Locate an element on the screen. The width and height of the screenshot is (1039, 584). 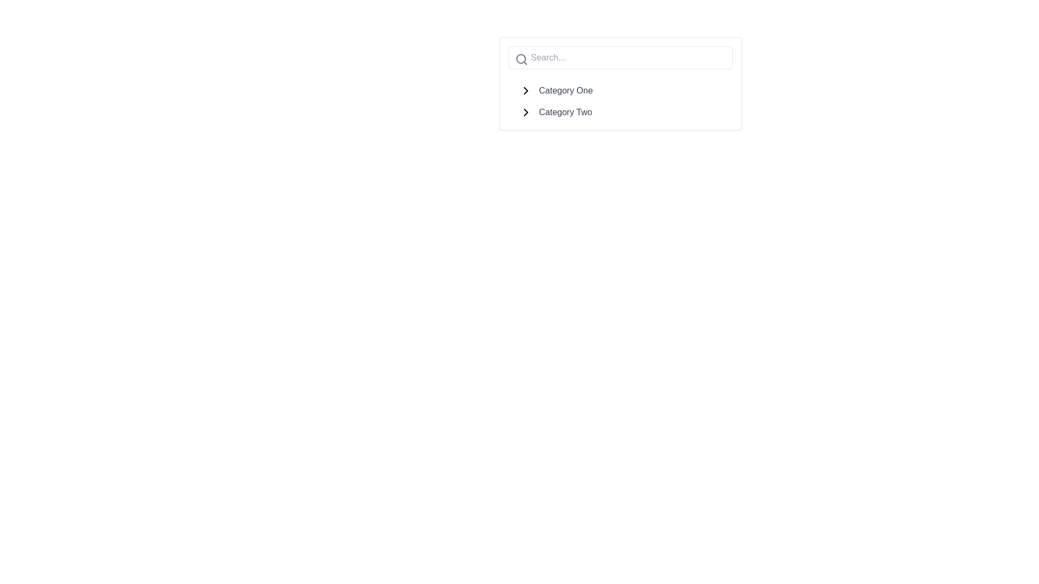
the rightward-pointing chevron arrow icon button located to the left of the 'Category Two' text label is located at coordinates (525, 112).